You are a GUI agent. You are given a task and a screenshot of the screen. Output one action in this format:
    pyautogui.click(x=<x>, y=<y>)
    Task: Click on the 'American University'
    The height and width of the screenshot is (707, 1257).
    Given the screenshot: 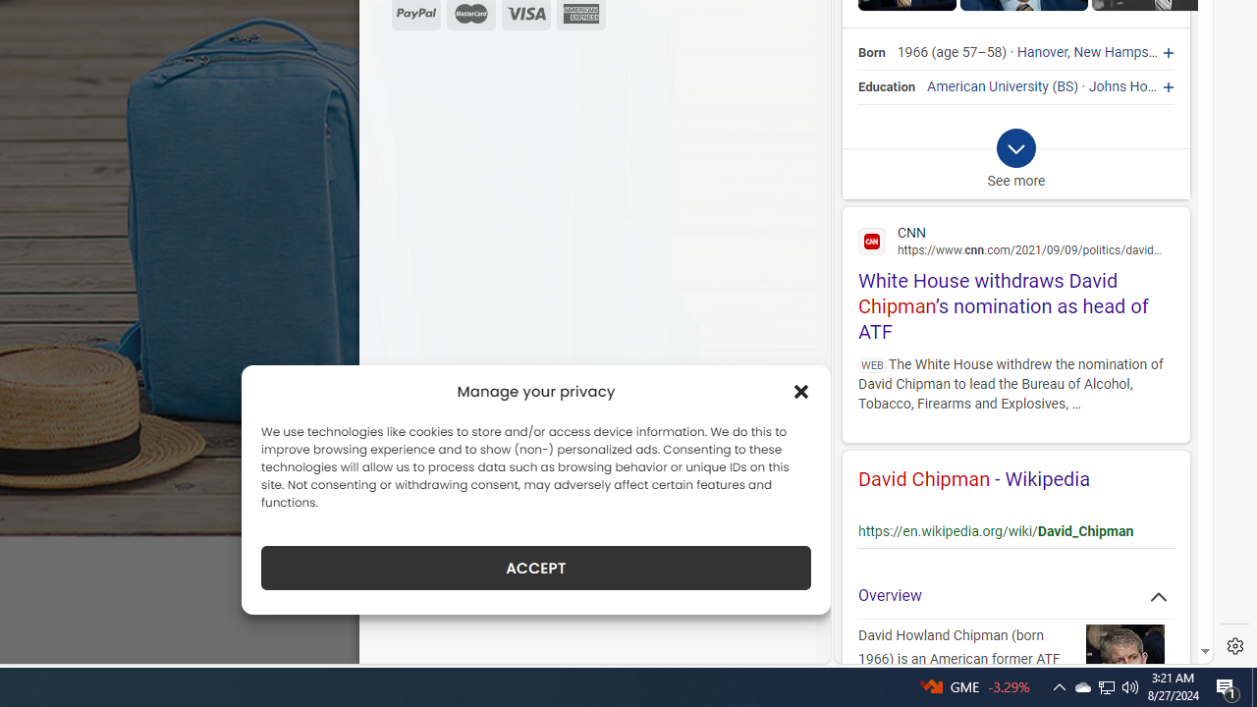 What is the action you would take?
    pyautogui.click(x=988, y=85)
    